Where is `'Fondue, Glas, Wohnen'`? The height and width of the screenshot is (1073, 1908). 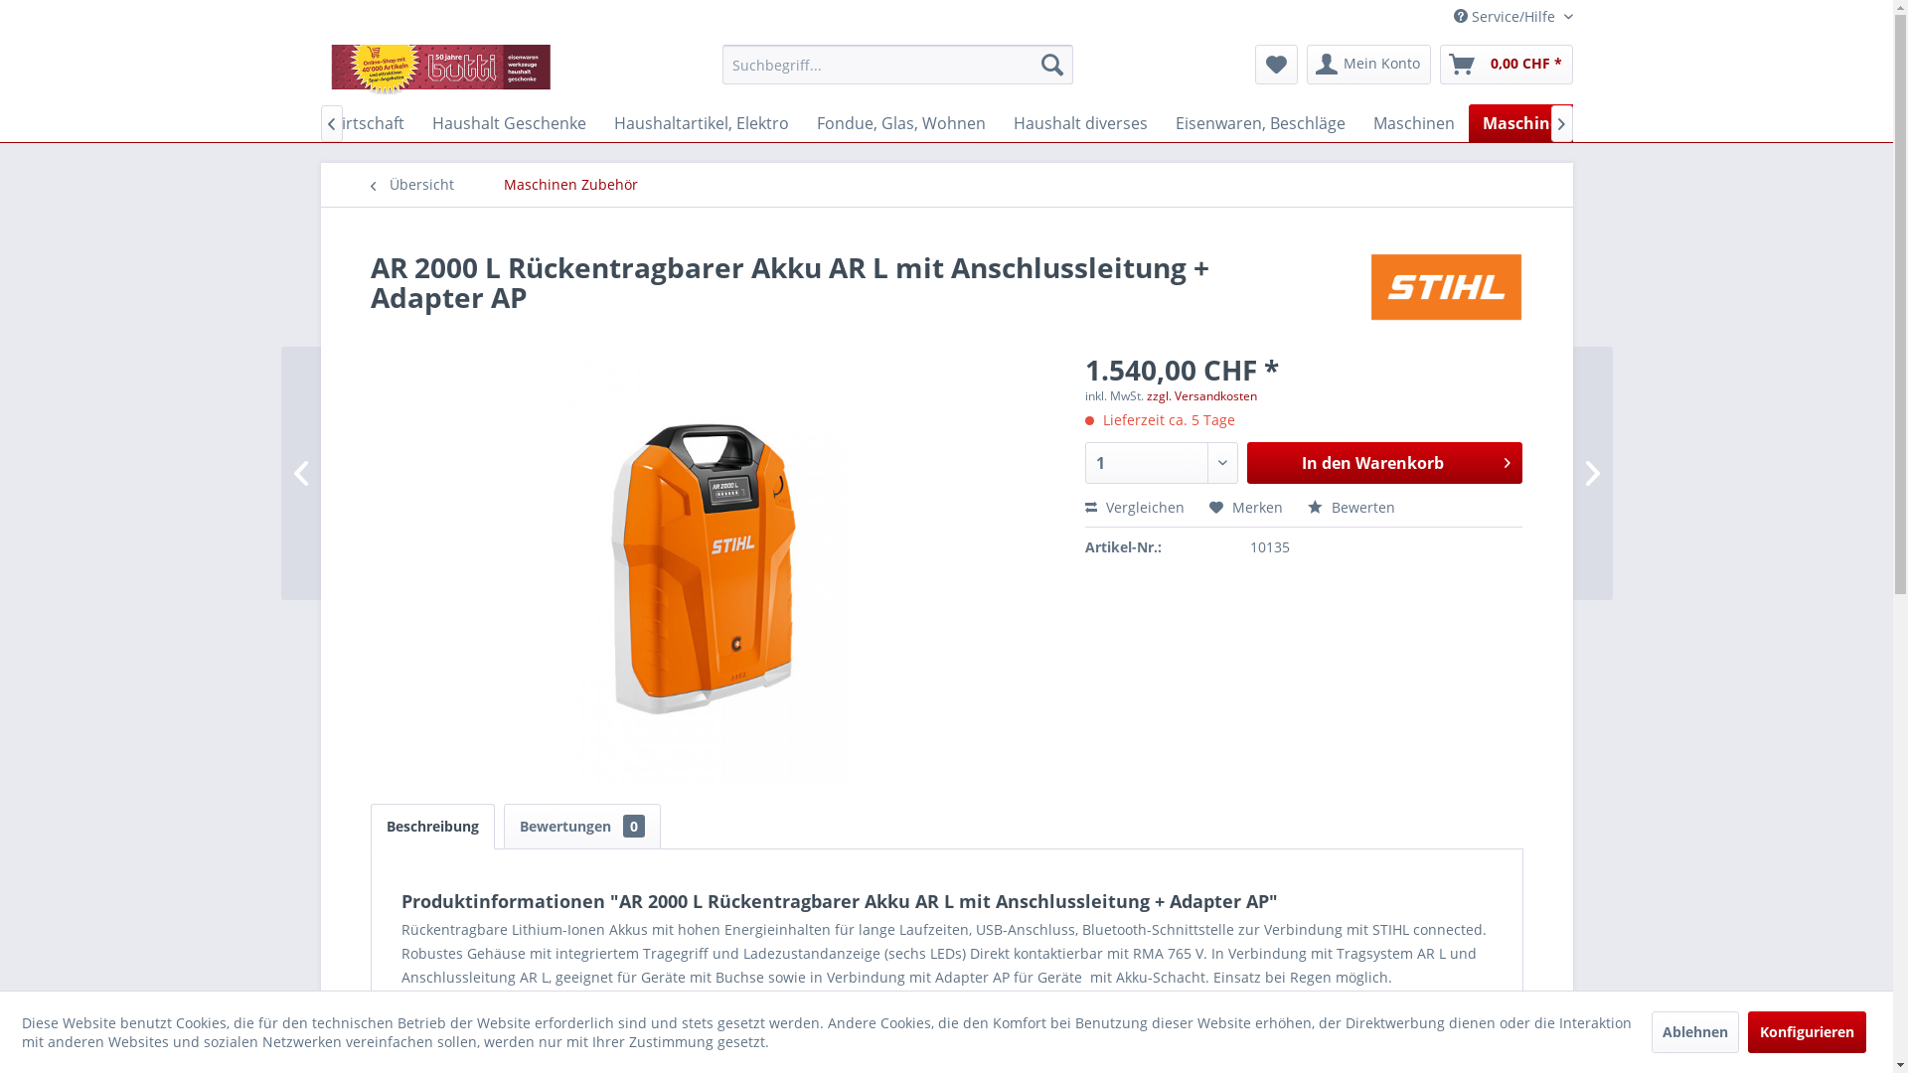
'Fondue, Glas, Wohnen' is located at coordinates (802, 122).